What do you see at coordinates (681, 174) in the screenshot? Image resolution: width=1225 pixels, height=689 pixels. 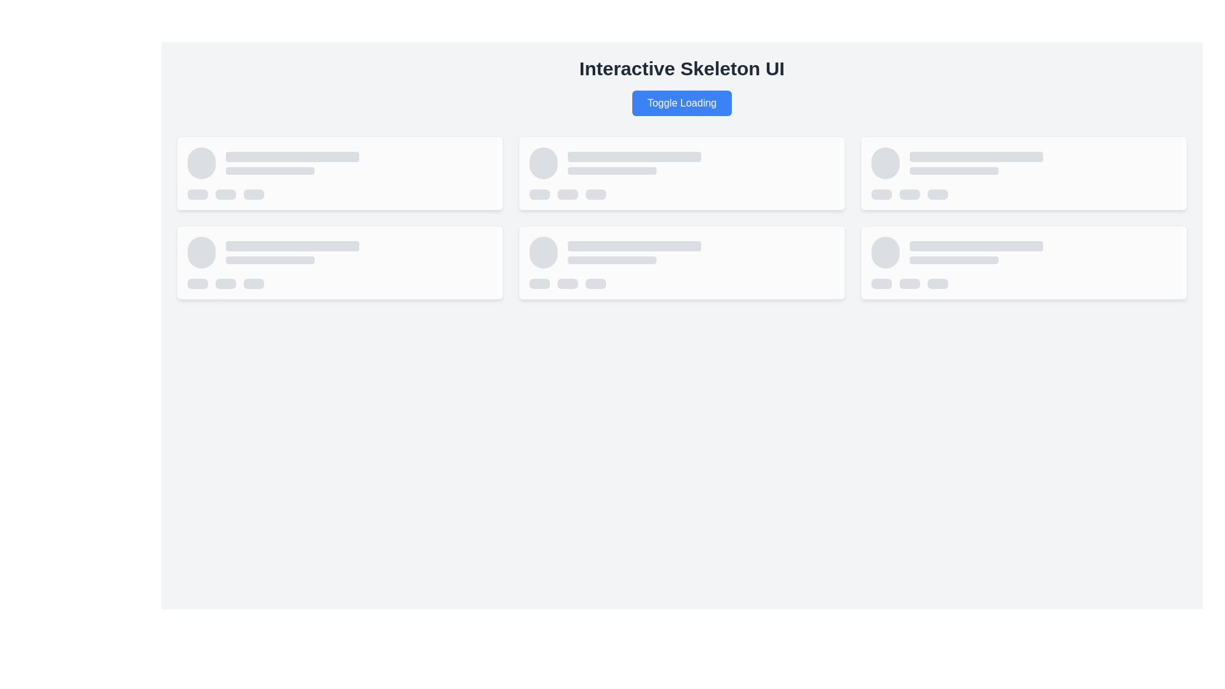 I see `the second card in the grid layout that has a loading animation and a distinct rounded border, positioned in the top-middle column` at bounding box center [681, 174].